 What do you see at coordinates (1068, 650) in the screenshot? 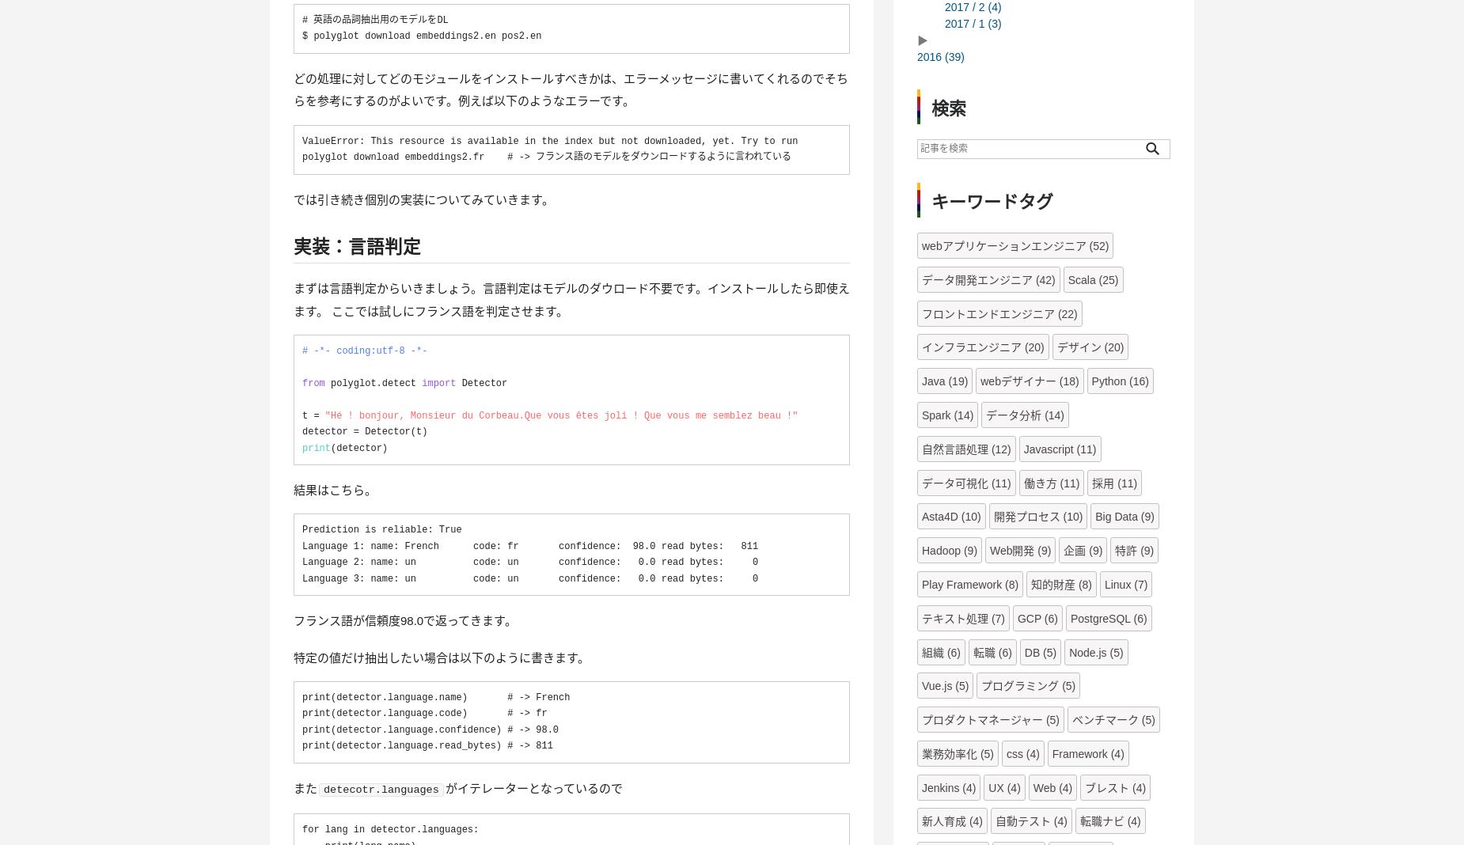
I see `'Node.js (5)'` at bounding box center [1068, 650].